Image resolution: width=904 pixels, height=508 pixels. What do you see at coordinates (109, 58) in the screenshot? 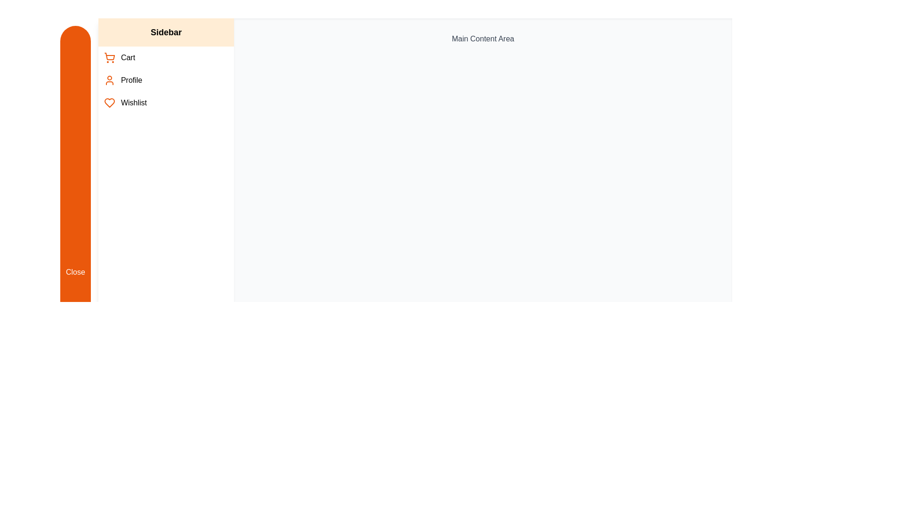
I see `the icon next to Cart in the sidebar` at bounding box center [109, 58].